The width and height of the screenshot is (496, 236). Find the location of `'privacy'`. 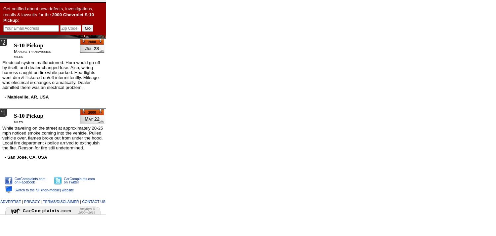

'privacy' is located at coordinates (31, 201).